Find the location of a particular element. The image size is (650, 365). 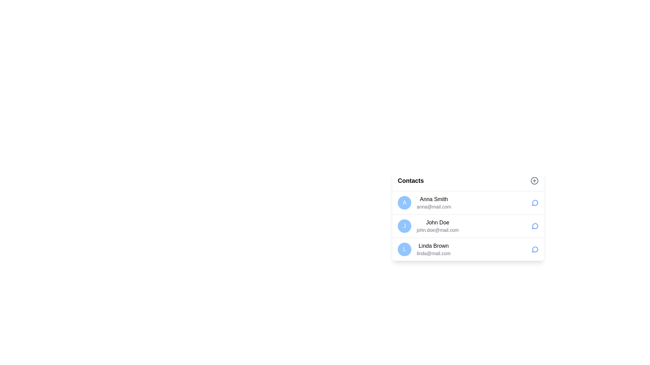

the second contact item in the list, which displays the contact's name and email, located between 'Anna Smith' and 'Linda Brown' is located at coordinates (468, 226).